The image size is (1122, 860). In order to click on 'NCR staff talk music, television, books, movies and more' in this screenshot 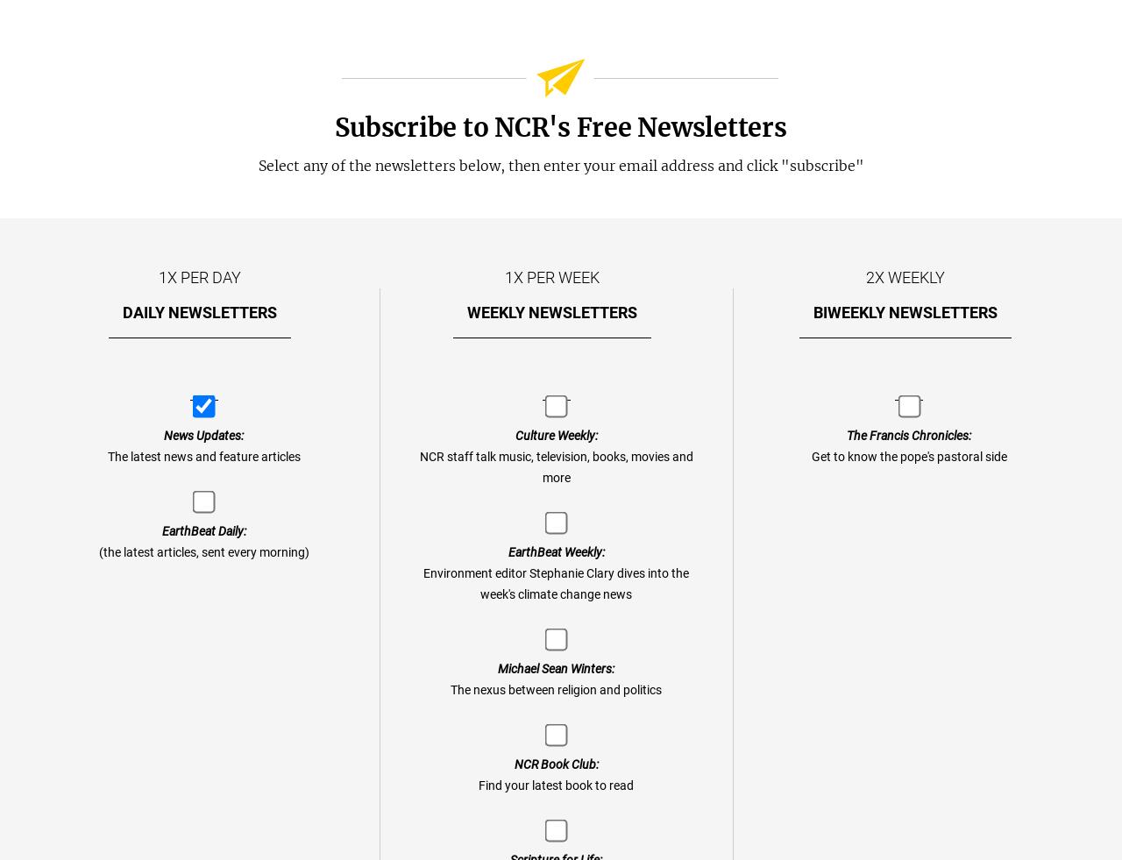, I will do `click(554, 467)`.